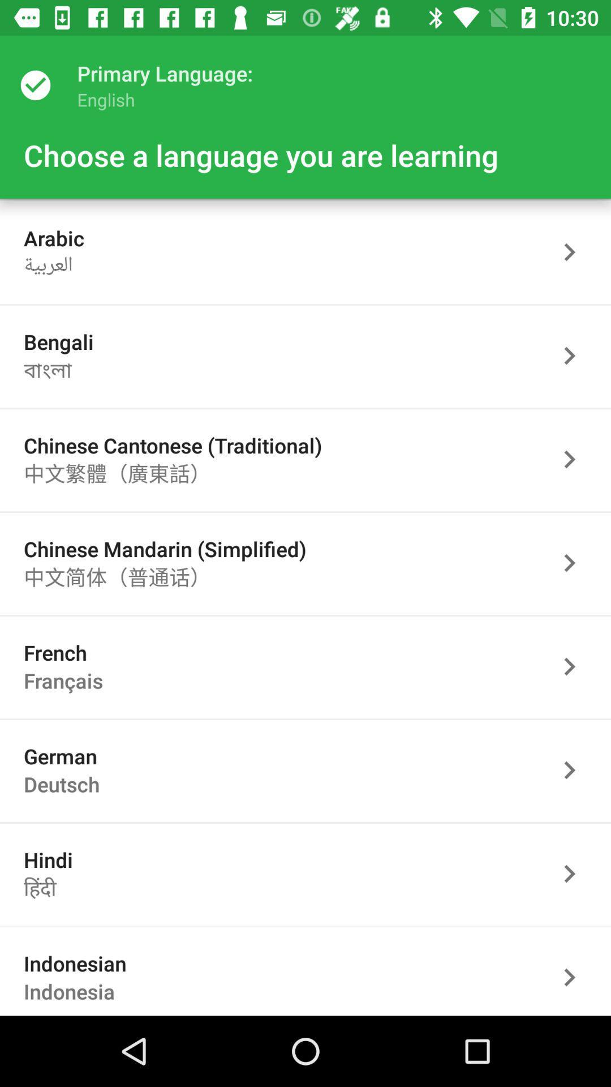 The image size is (611, 1087). What do you see at coordinates (575, 459) in the screenshot?
I see `validate choice` at bounding box center [575, 459].